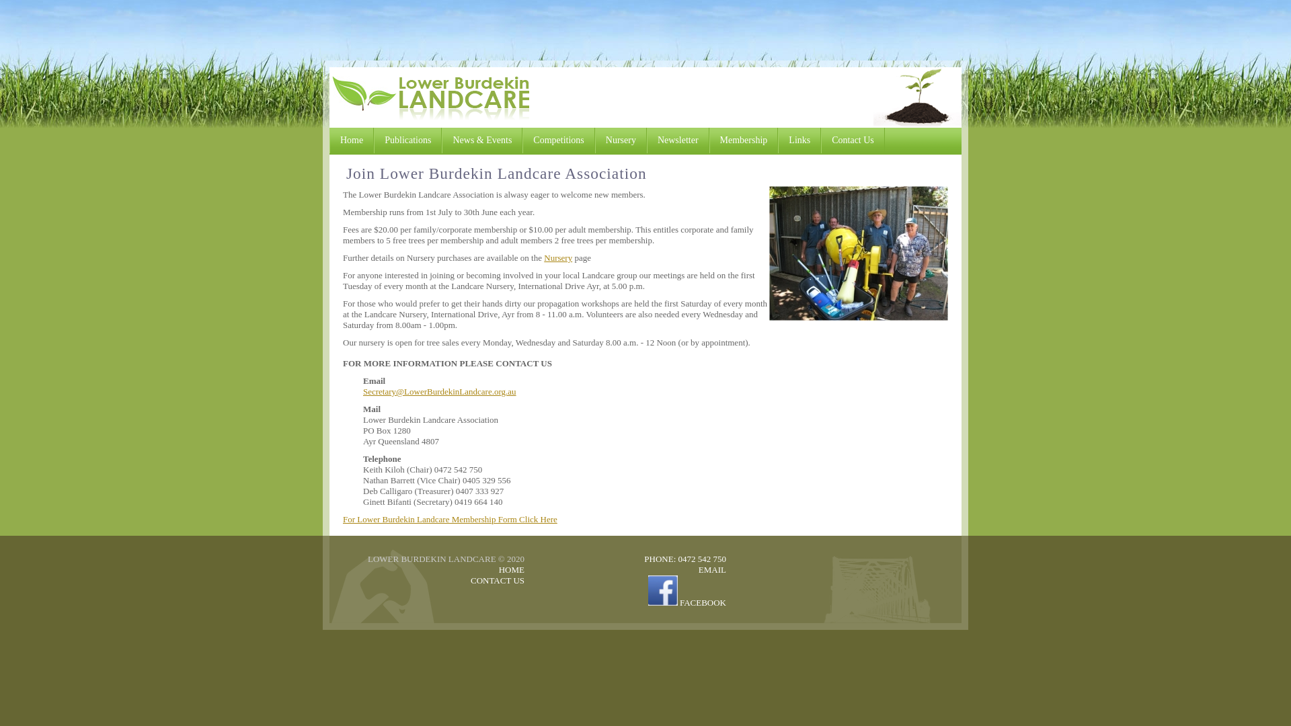 This screenshot has width=1291, height=726. What do you see at coordinates (407, 140) in the screenshot?
I see `'Publications'` at bounding box center [407, 140].